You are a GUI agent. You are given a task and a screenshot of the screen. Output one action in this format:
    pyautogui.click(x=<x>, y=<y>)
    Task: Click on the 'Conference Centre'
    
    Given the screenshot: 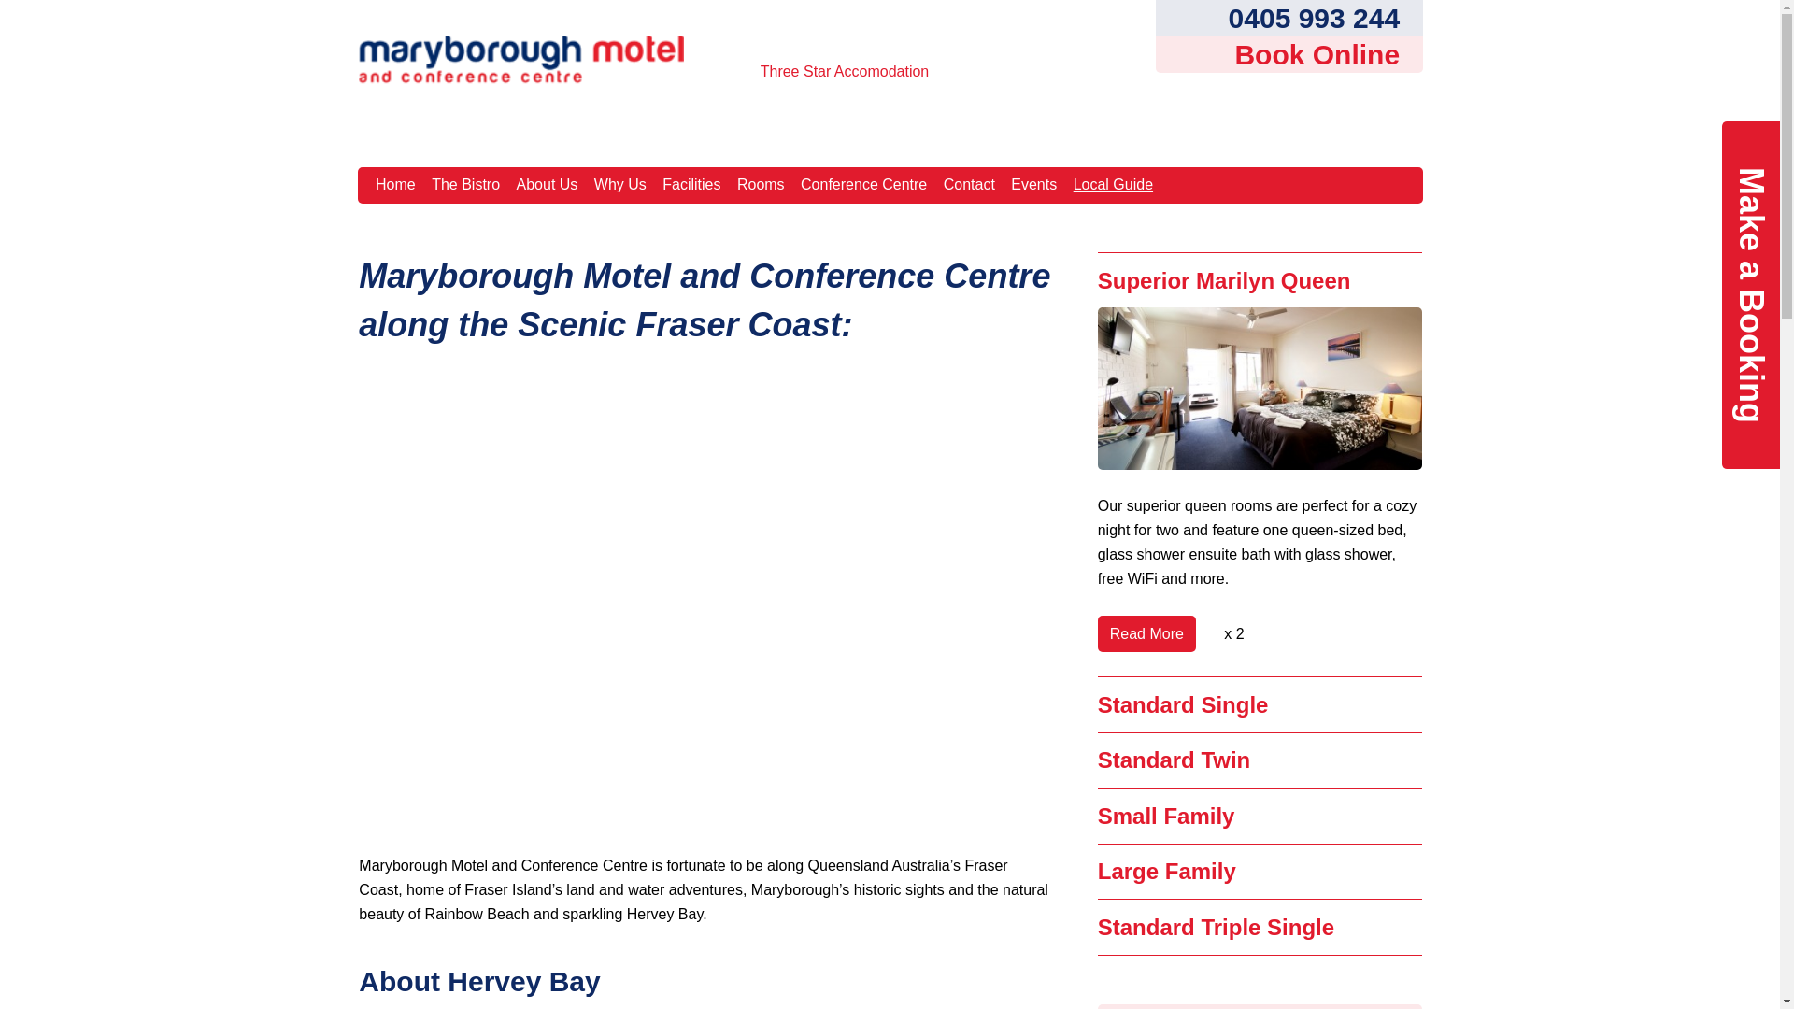 What is the action you would take?
    pyautogui.click(x=863, y=185)
    